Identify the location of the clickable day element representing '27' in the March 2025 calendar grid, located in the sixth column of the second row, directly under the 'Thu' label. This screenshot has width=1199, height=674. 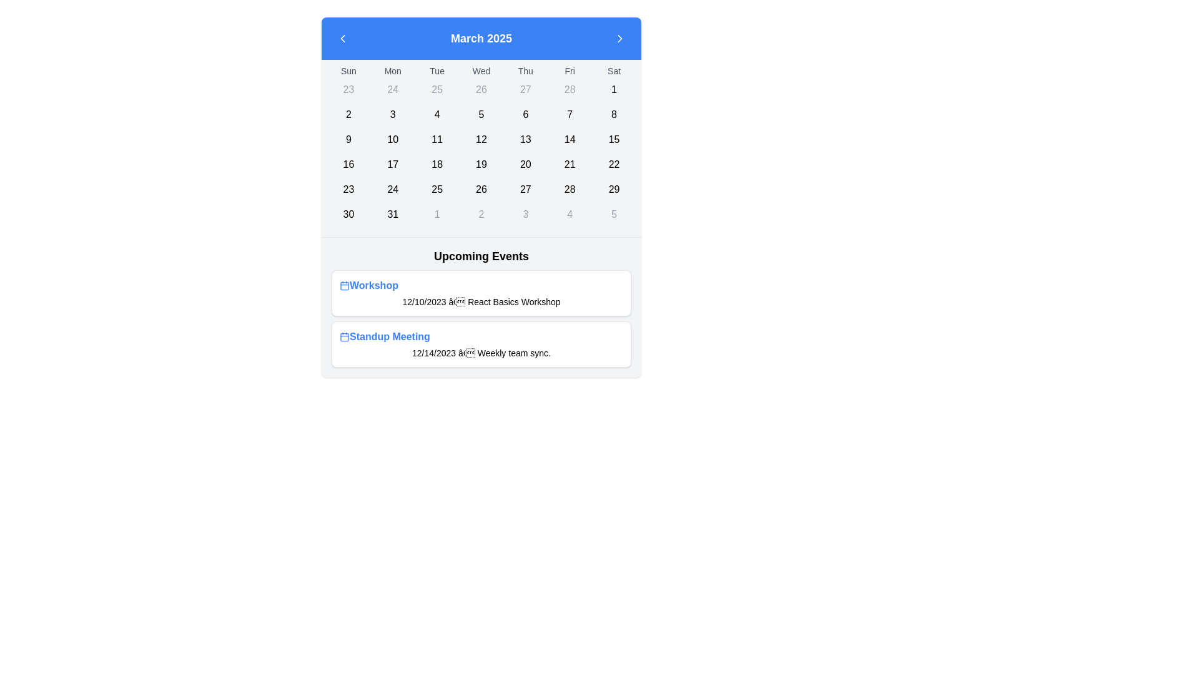
(525, 89).